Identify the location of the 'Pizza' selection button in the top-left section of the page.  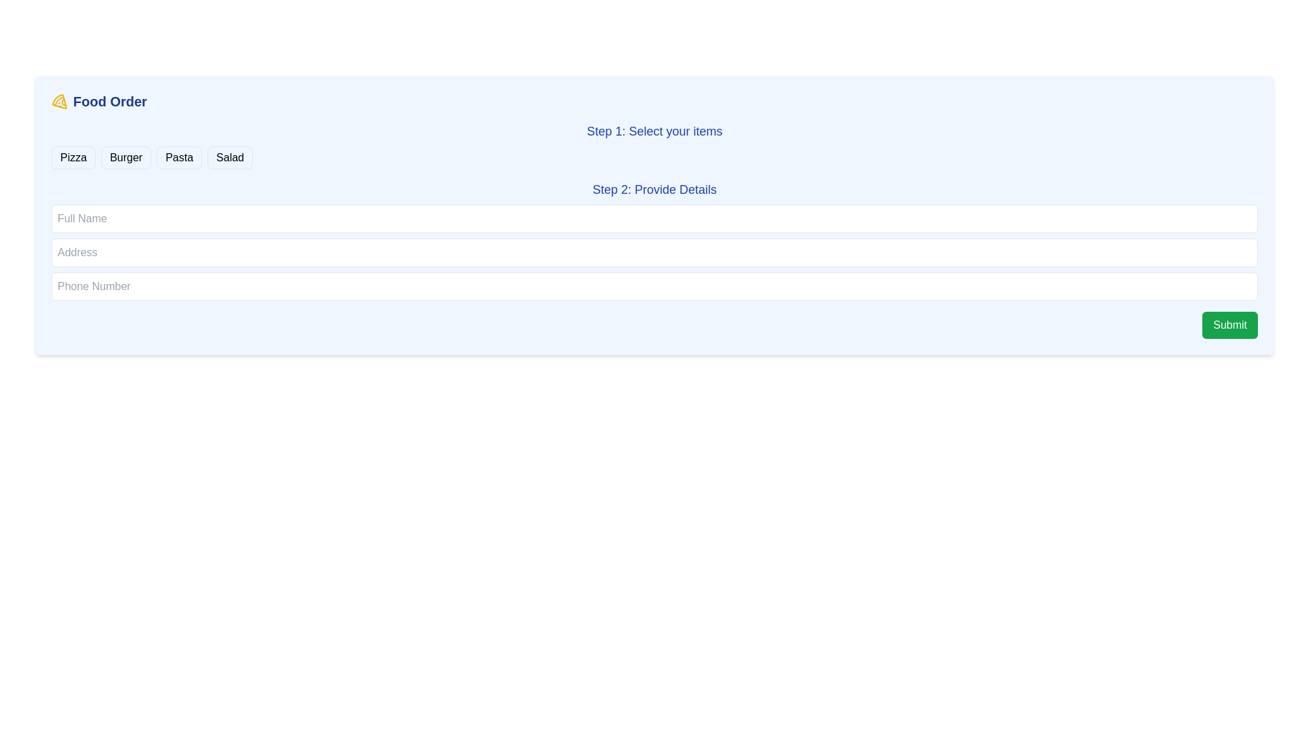
(73, 157).